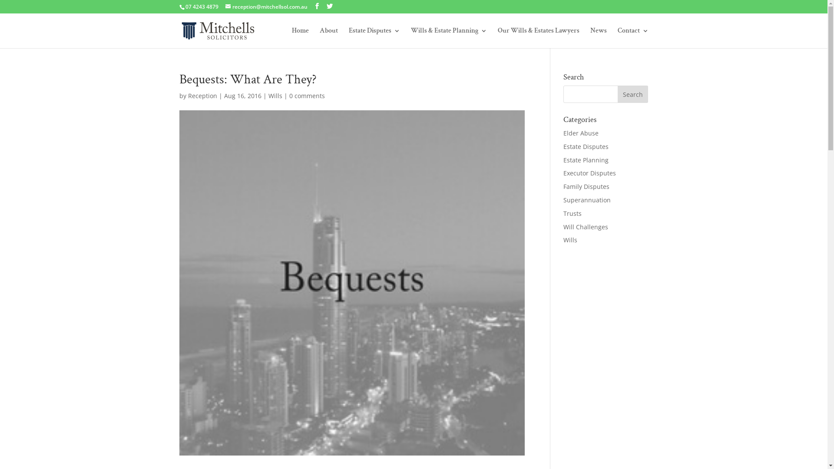 The height and width of the screenshot is (469, 834). What do you see at coordinates (449, 37) in the screenshot?
I see `'Wills & Estate Planning'` at bounding box center [449, 37].